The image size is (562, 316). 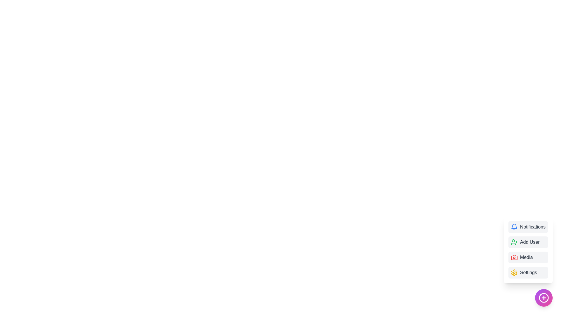 I want to click on the 'Add User' menu item, so click(x=528, y=242).